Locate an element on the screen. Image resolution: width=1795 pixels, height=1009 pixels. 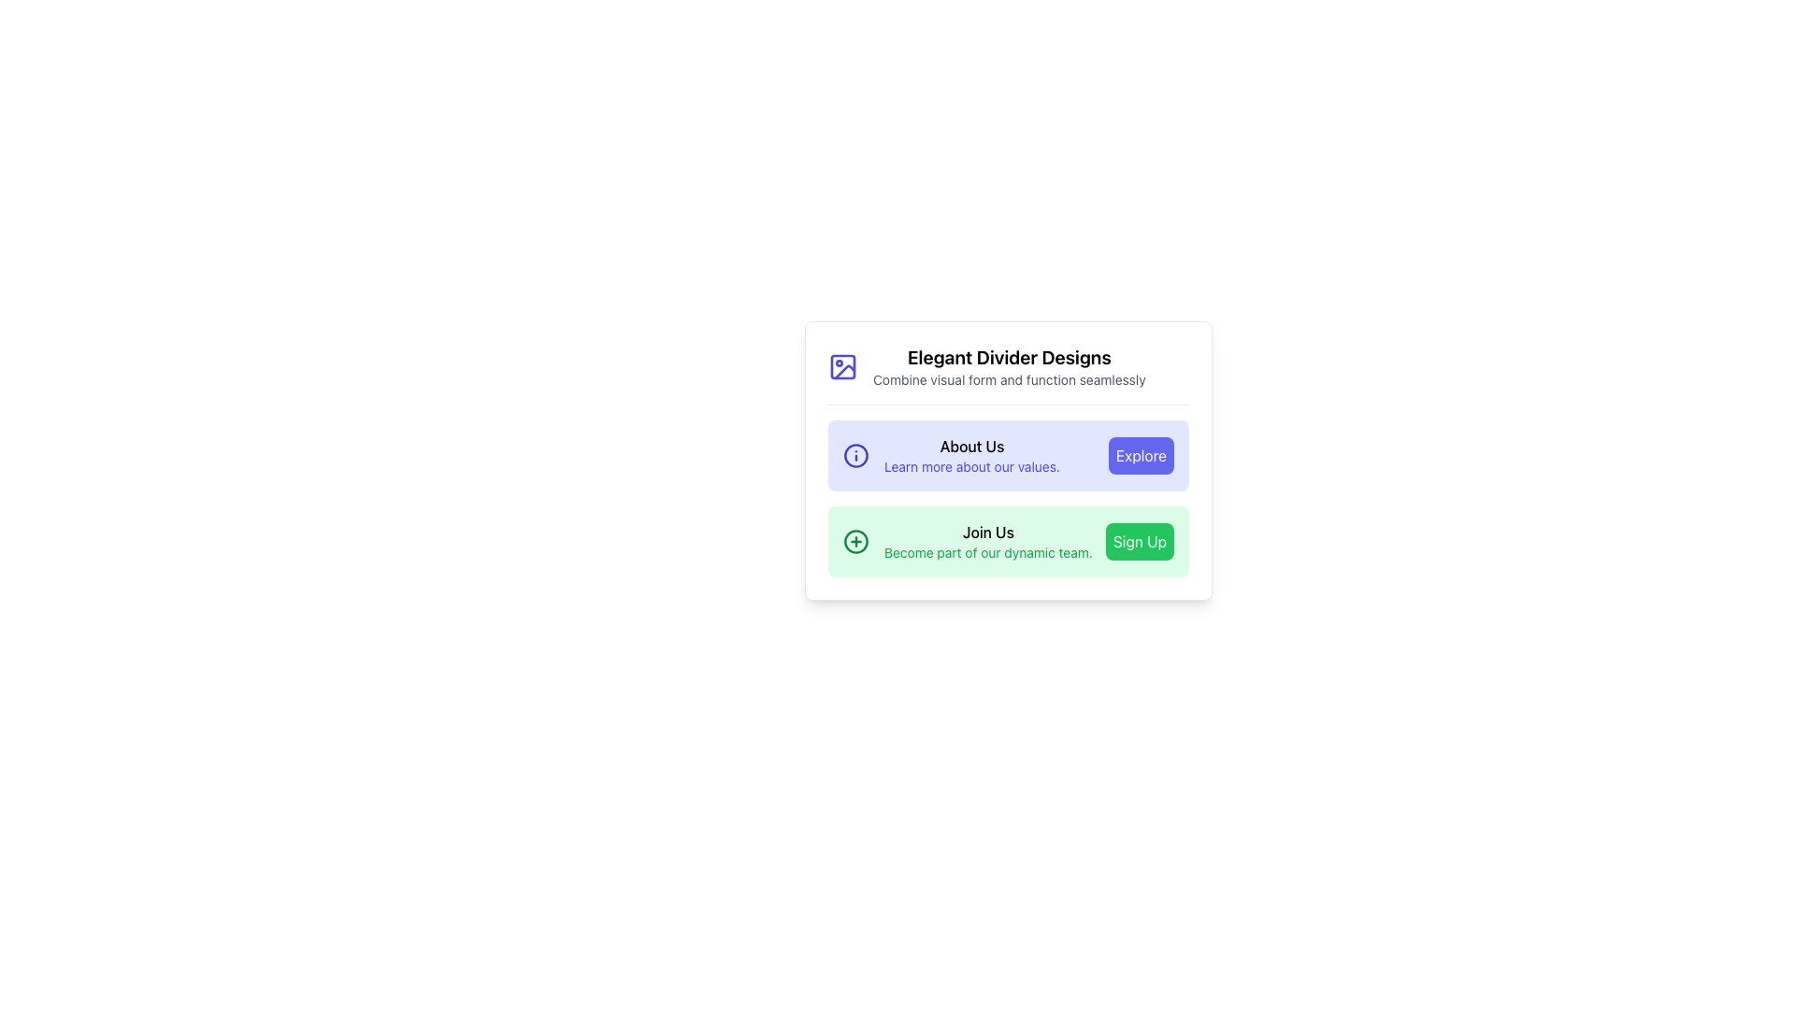
informational text that emphasizes teamwork and inclusivity, located below the 'Join Us' element in the green-highlighted section is located at coordinates (987, 551).